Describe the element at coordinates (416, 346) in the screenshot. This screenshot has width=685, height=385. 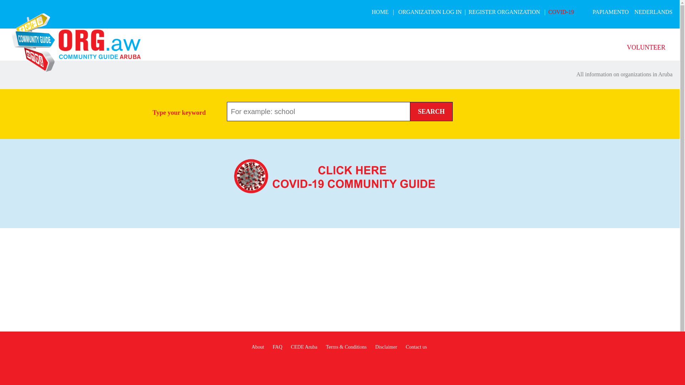
I see `'Contact us'` at that location.